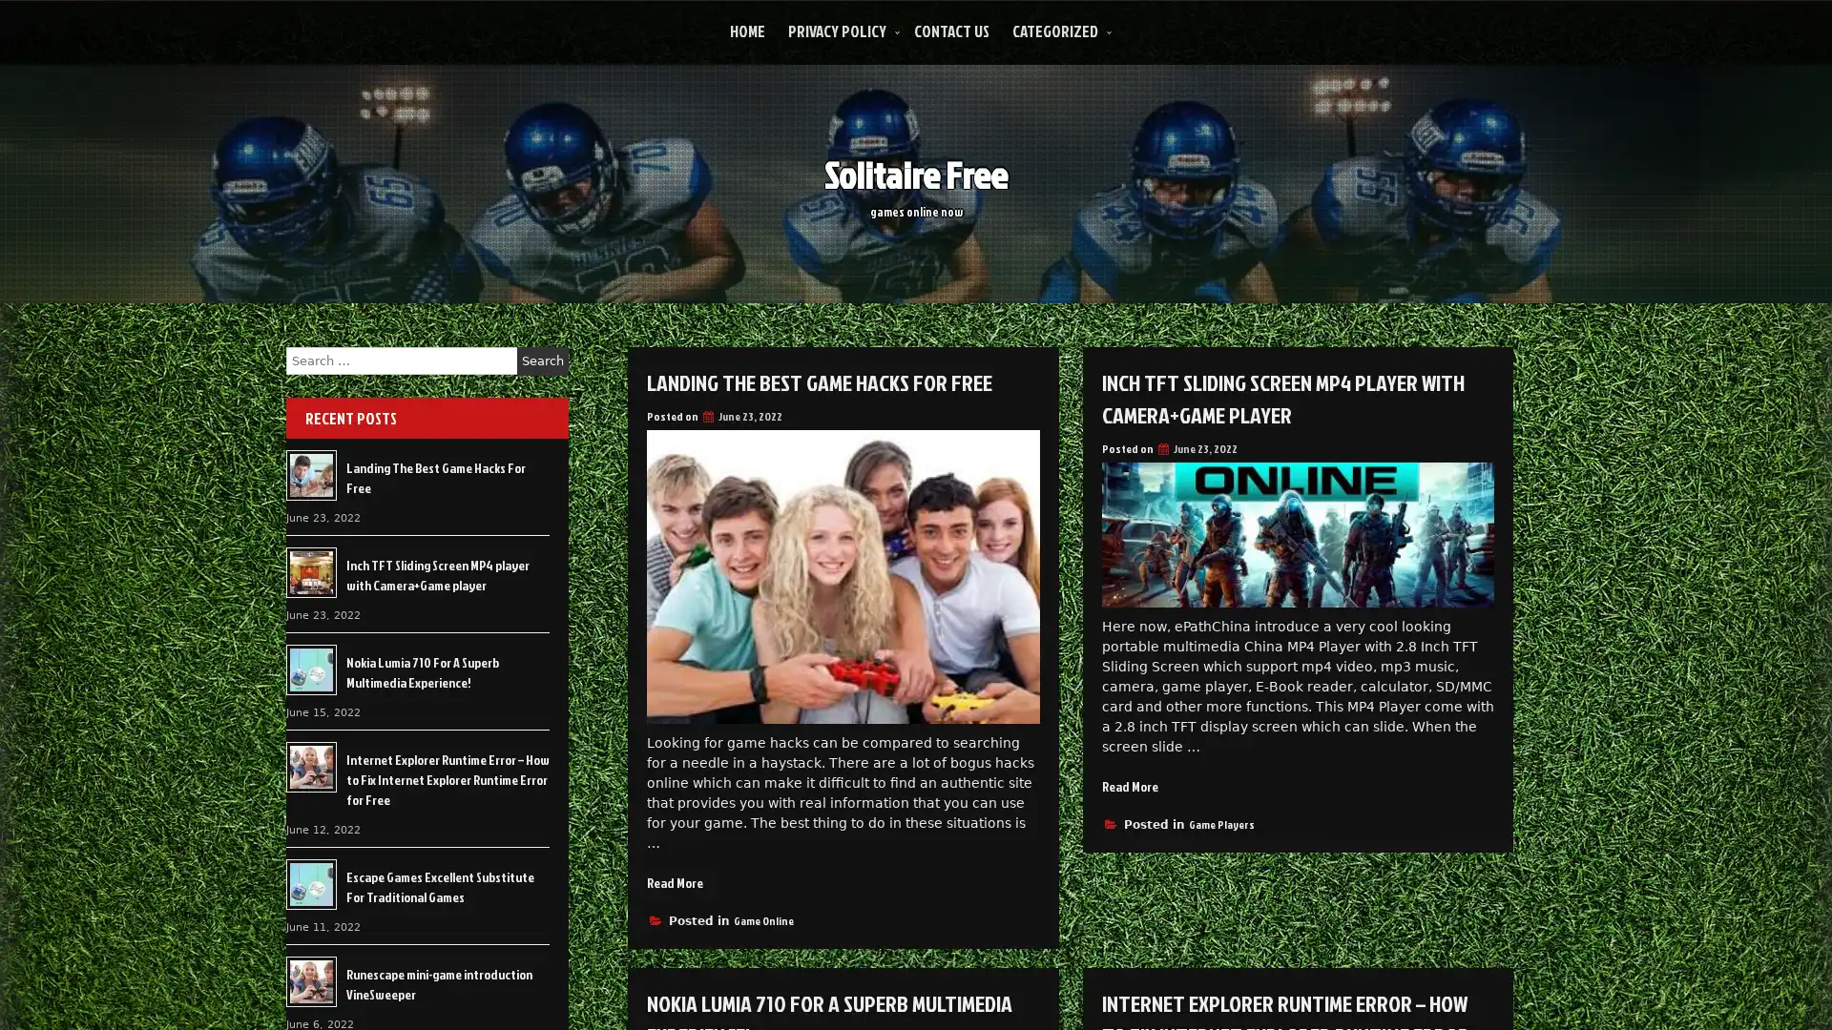 This screenshot has height=1030, width=1832. I want to click on Search, so click(542, 360).